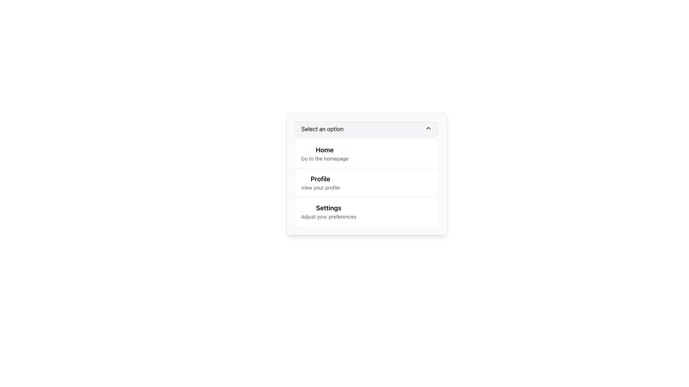  I want to click on the third item in the dropdown menu which allows the user, so click(367, 211).